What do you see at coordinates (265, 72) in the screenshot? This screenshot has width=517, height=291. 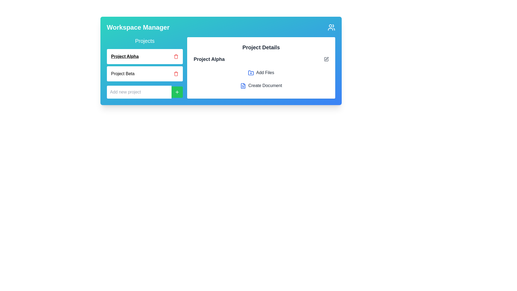 I see `the 'Add Files' text label in the 'Project Details' section, which is positioned to the right of a folder icon` at bounding box center [265, 72].